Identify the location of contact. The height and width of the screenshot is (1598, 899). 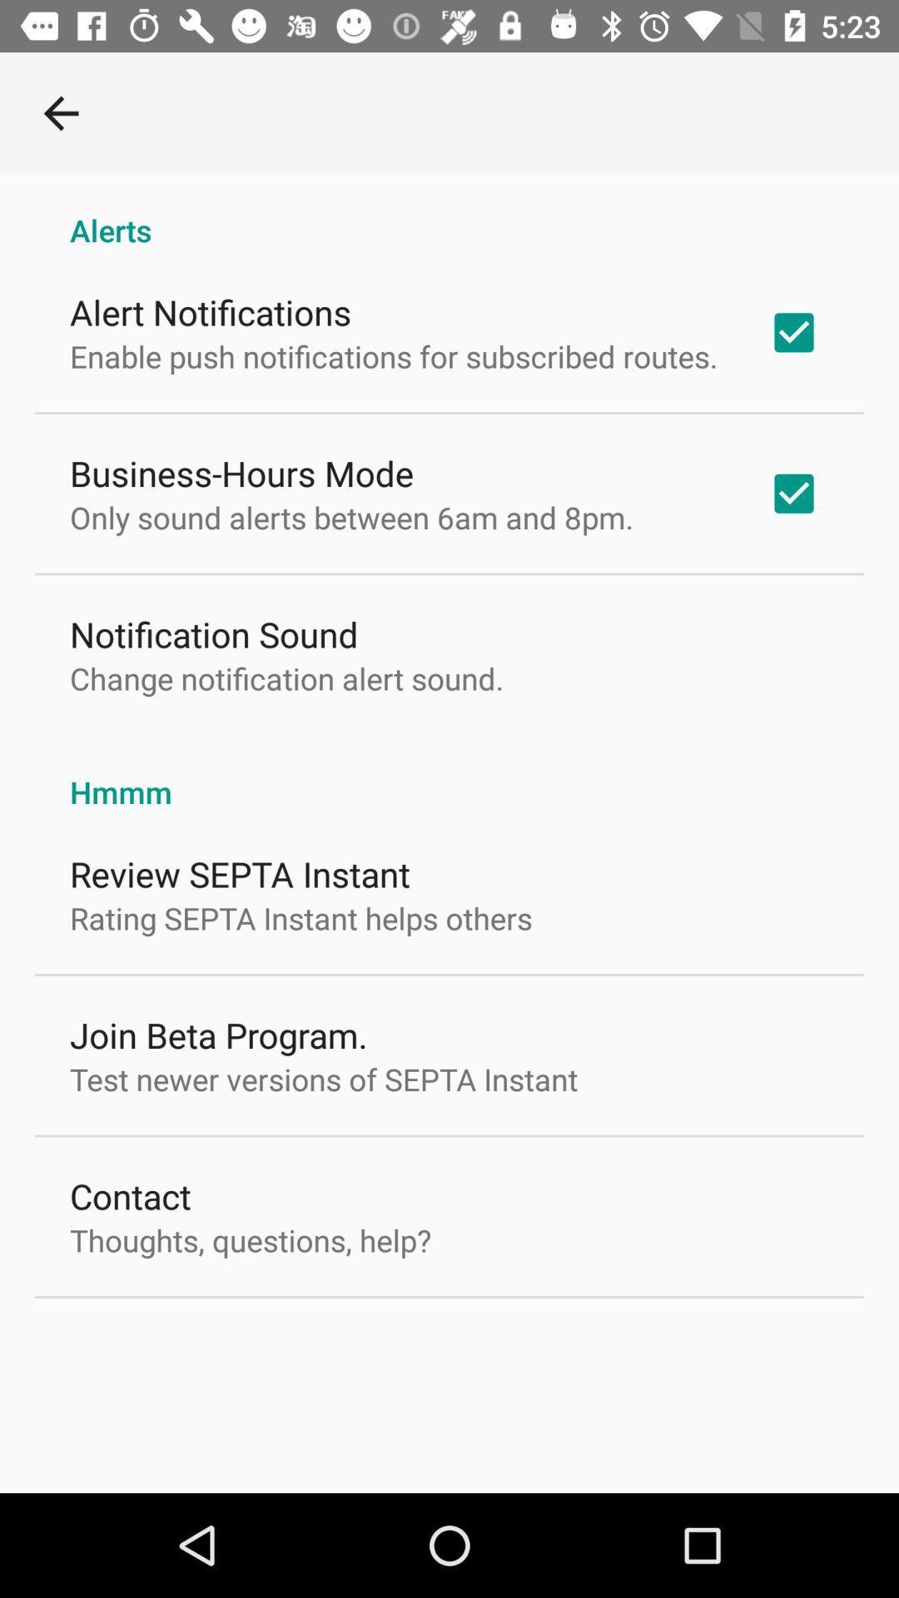
(129, 1194).